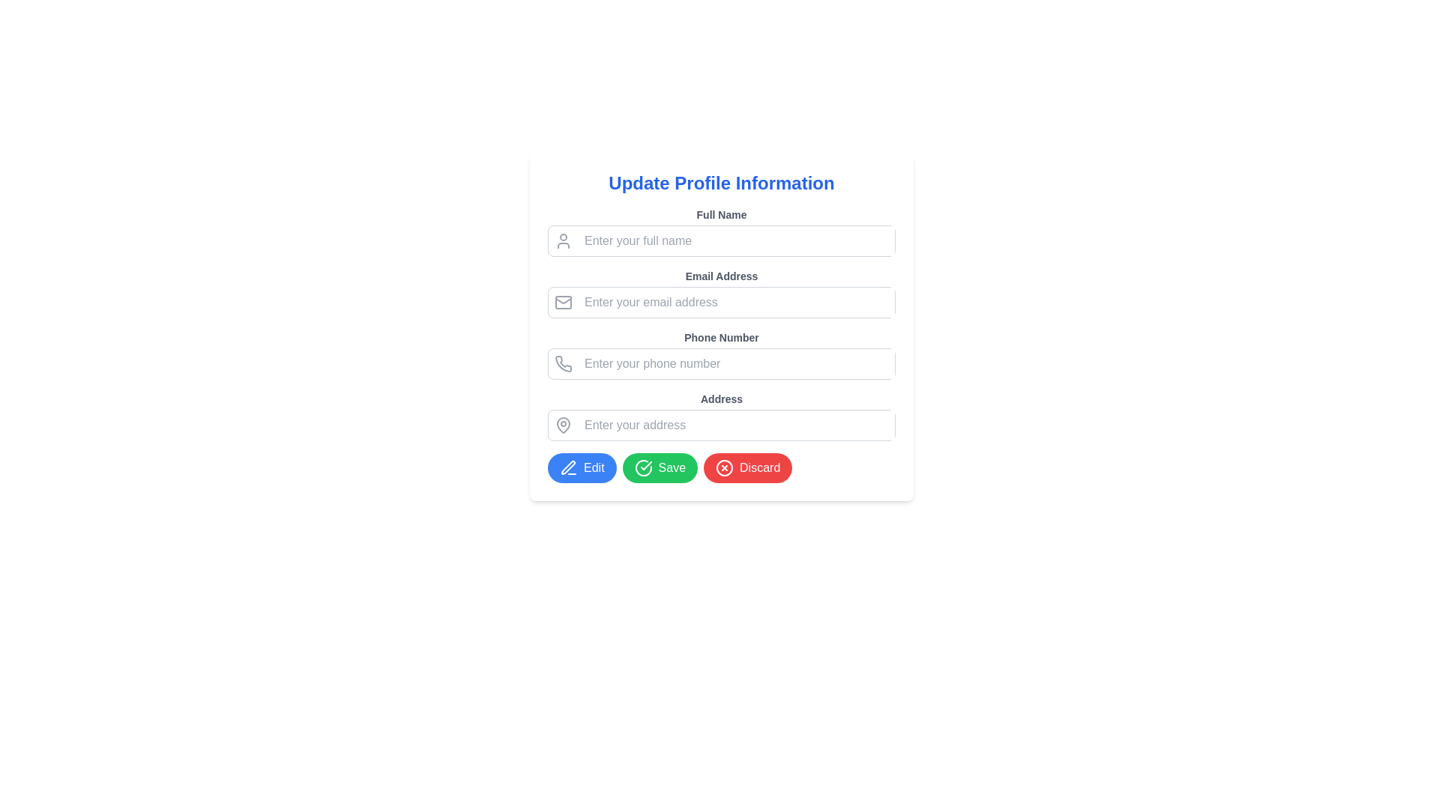 The image size is (1439, 809). I want to click on the phone number icon located next to the input field in the 'Update Profile Information' form, specifically in the third line item, so click(563, 364).